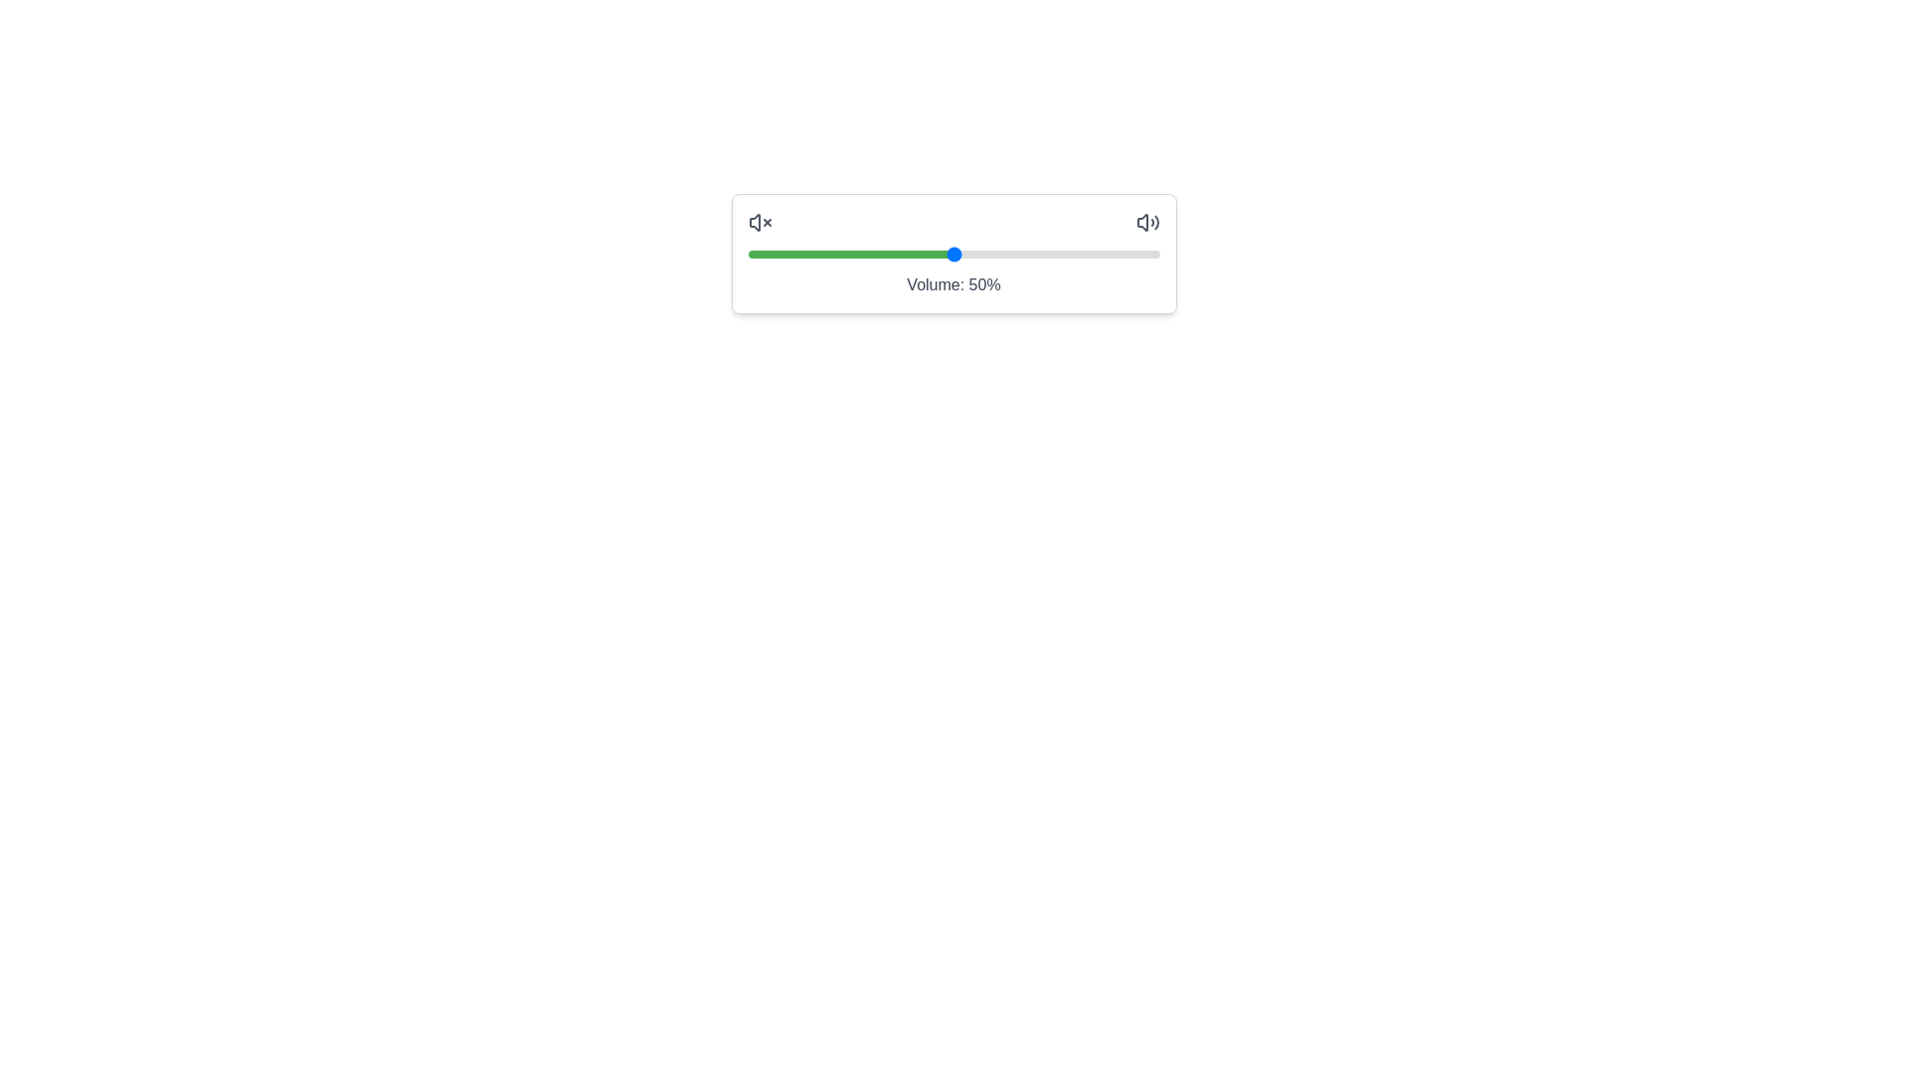 The image size is (1909, 1074). I want to click on the volume level, so click(850, 253).